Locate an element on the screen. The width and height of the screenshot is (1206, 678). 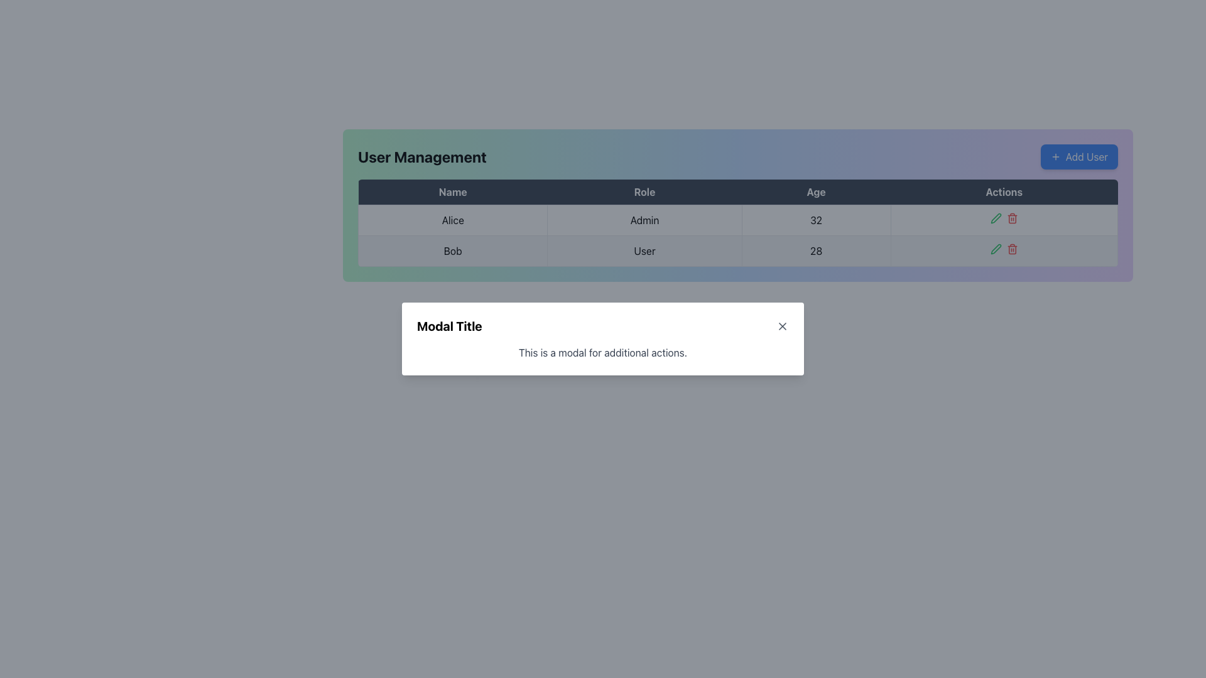
the 'Role' table header, which is the second column header in a table row, centered in a light color on a dark blue background is located at coordinates (644, 192).